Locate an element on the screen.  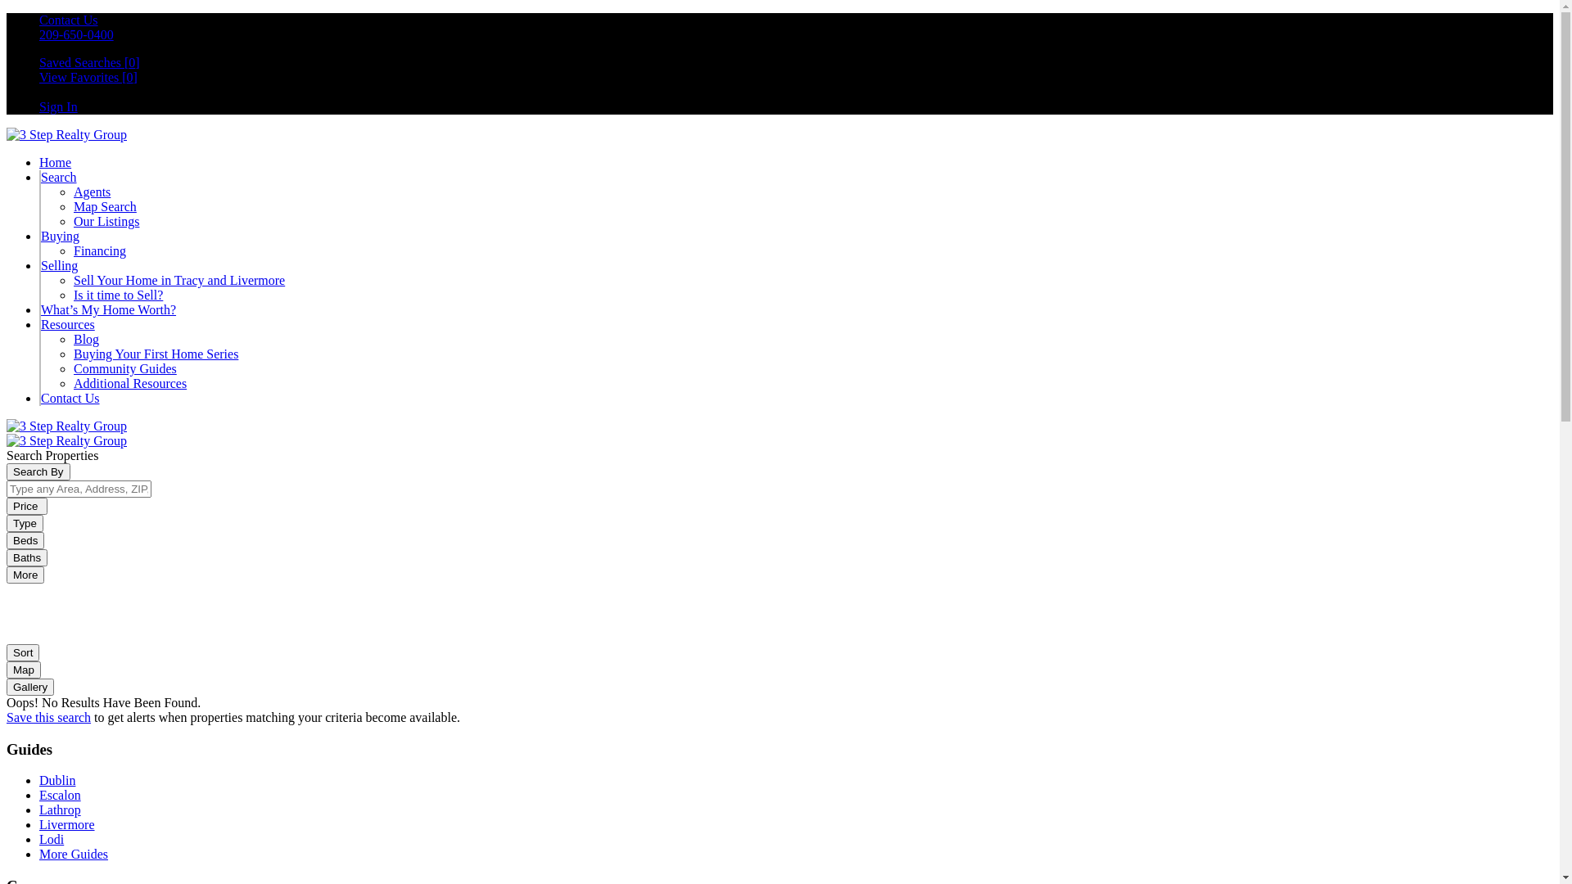
'Gallery' is located at coordinates (30, 686).